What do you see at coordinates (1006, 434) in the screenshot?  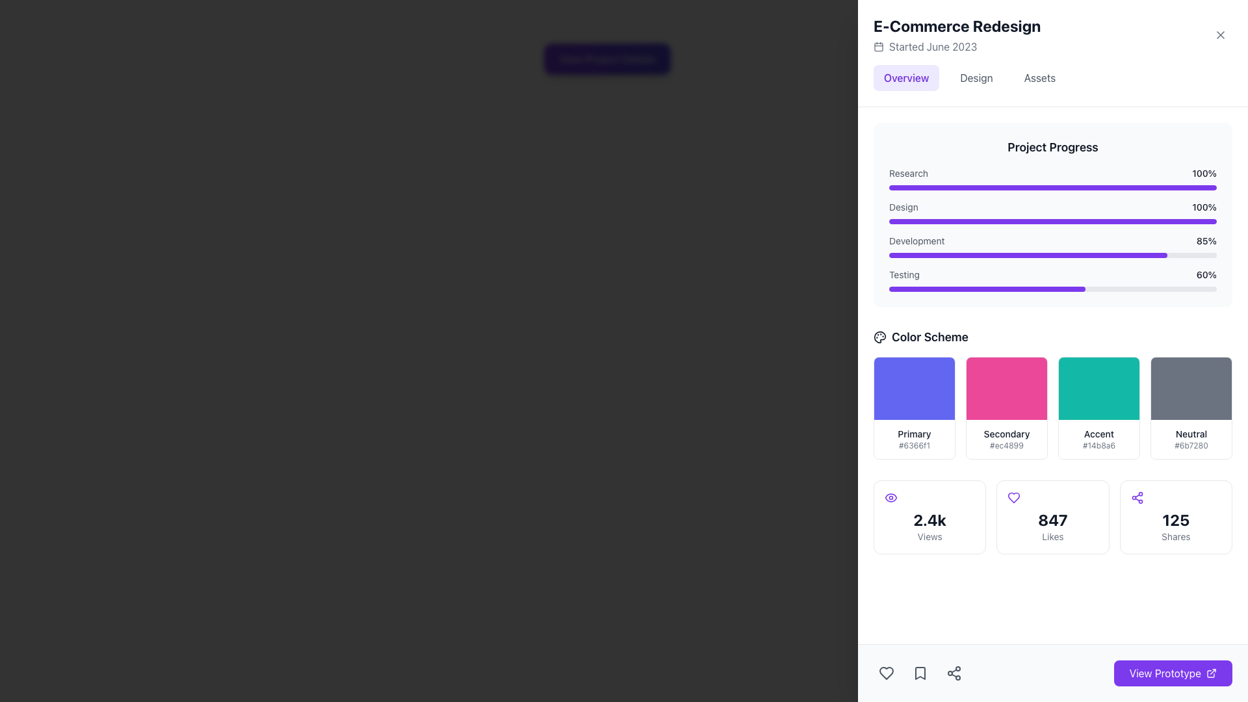 I see `the text label displaying 'Secondary' in bold black text, located in the 'Color Scheme' section above the color code '#ec4899'` at bounding box center [1006, 434].